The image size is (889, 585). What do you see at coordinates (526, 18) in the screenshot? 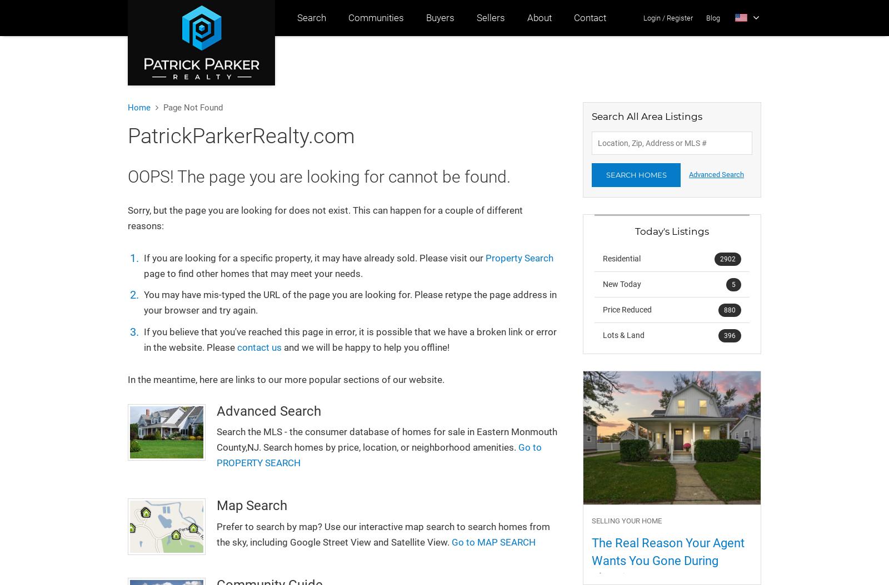
I see `'About'` at bounding box center [526, 18].